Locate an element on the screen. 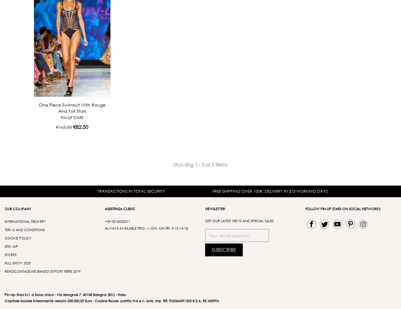  'Cookie Policy' is located at coordinates (18, 238).